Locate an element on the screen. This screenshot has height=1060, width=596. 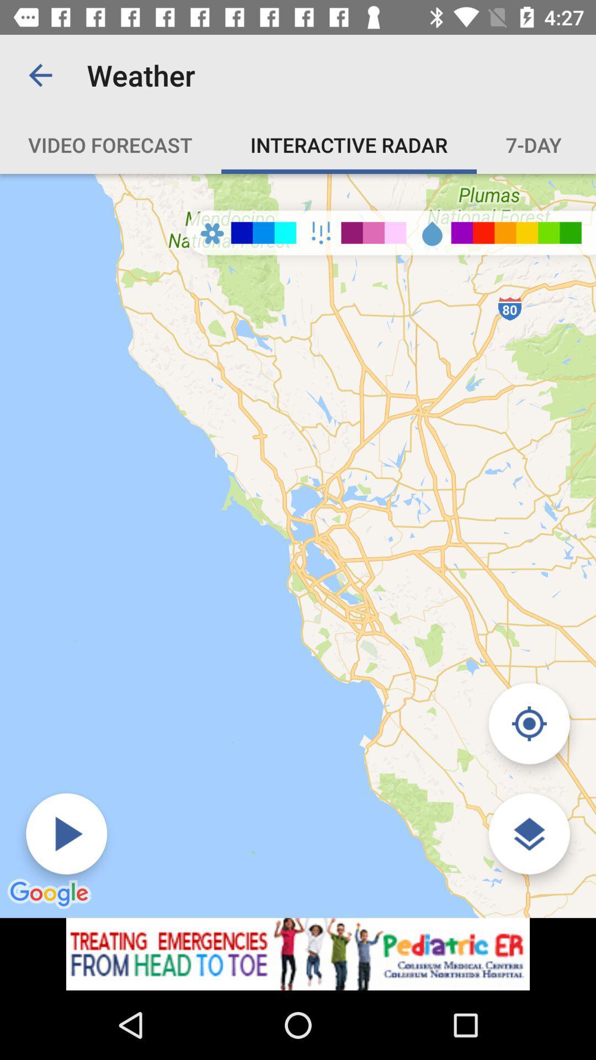
show more detials is located at coordinates (529, 834).